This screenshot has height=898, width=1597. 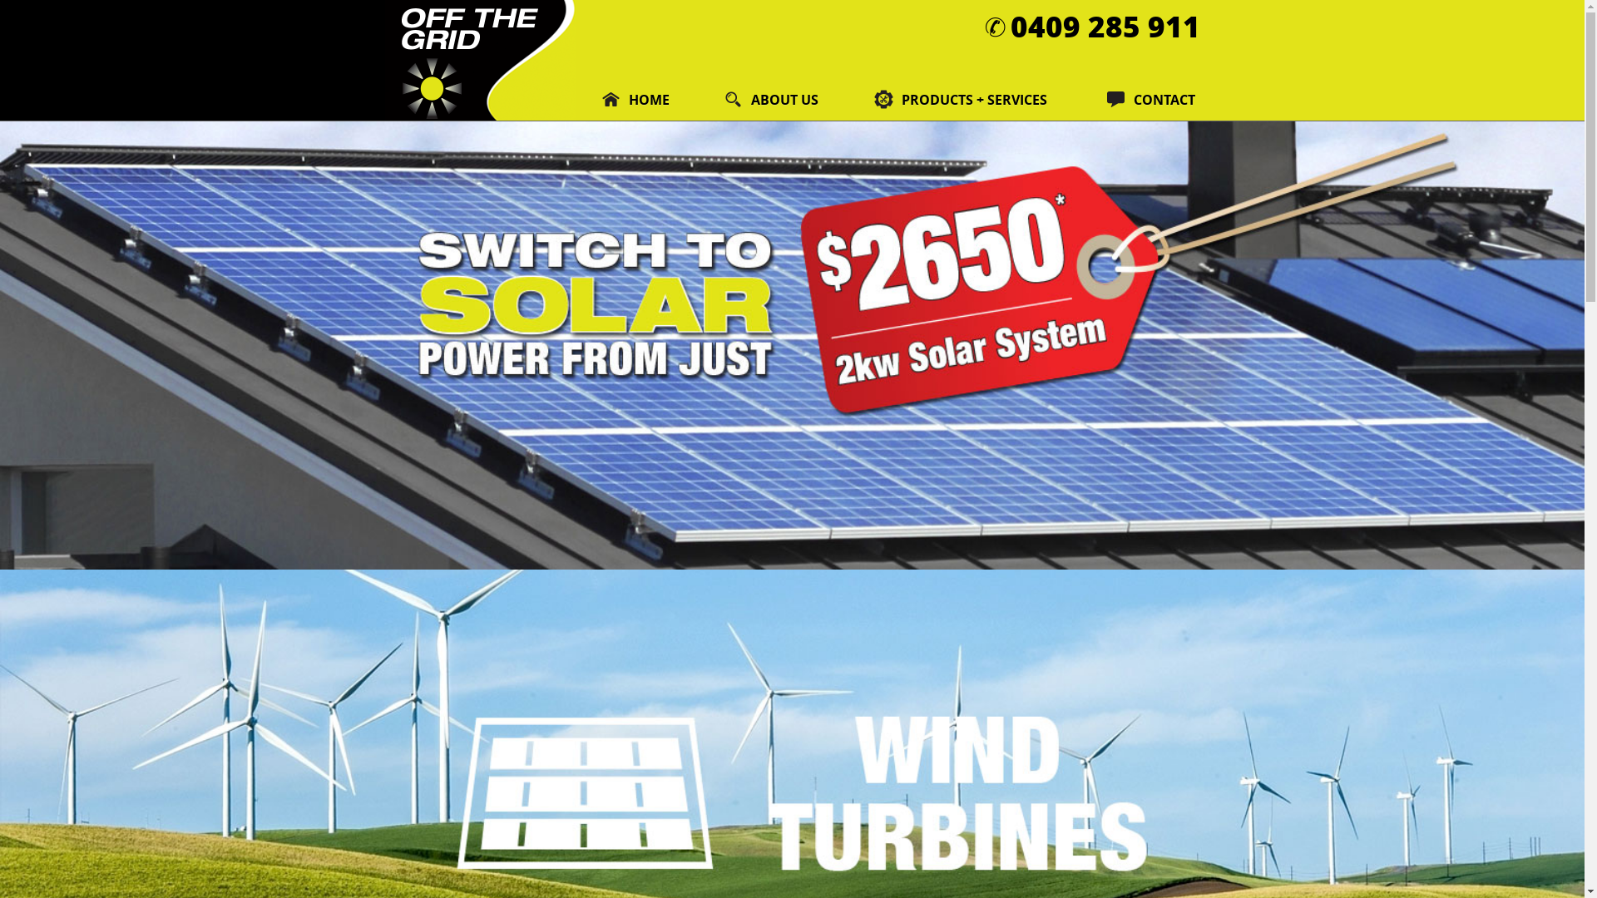 What do you see at coordinates (636, 99) in the screenshot?
I see `'HOME'` at bounding box center [636, 99].